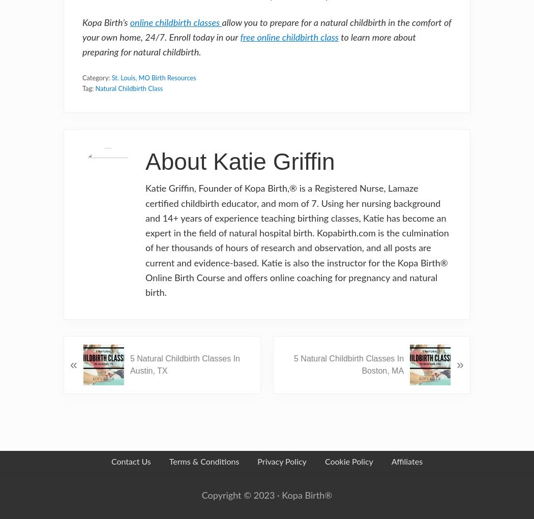  I want to click on 'to learn more about preparing for natural childbirth.', so click(248, 45).